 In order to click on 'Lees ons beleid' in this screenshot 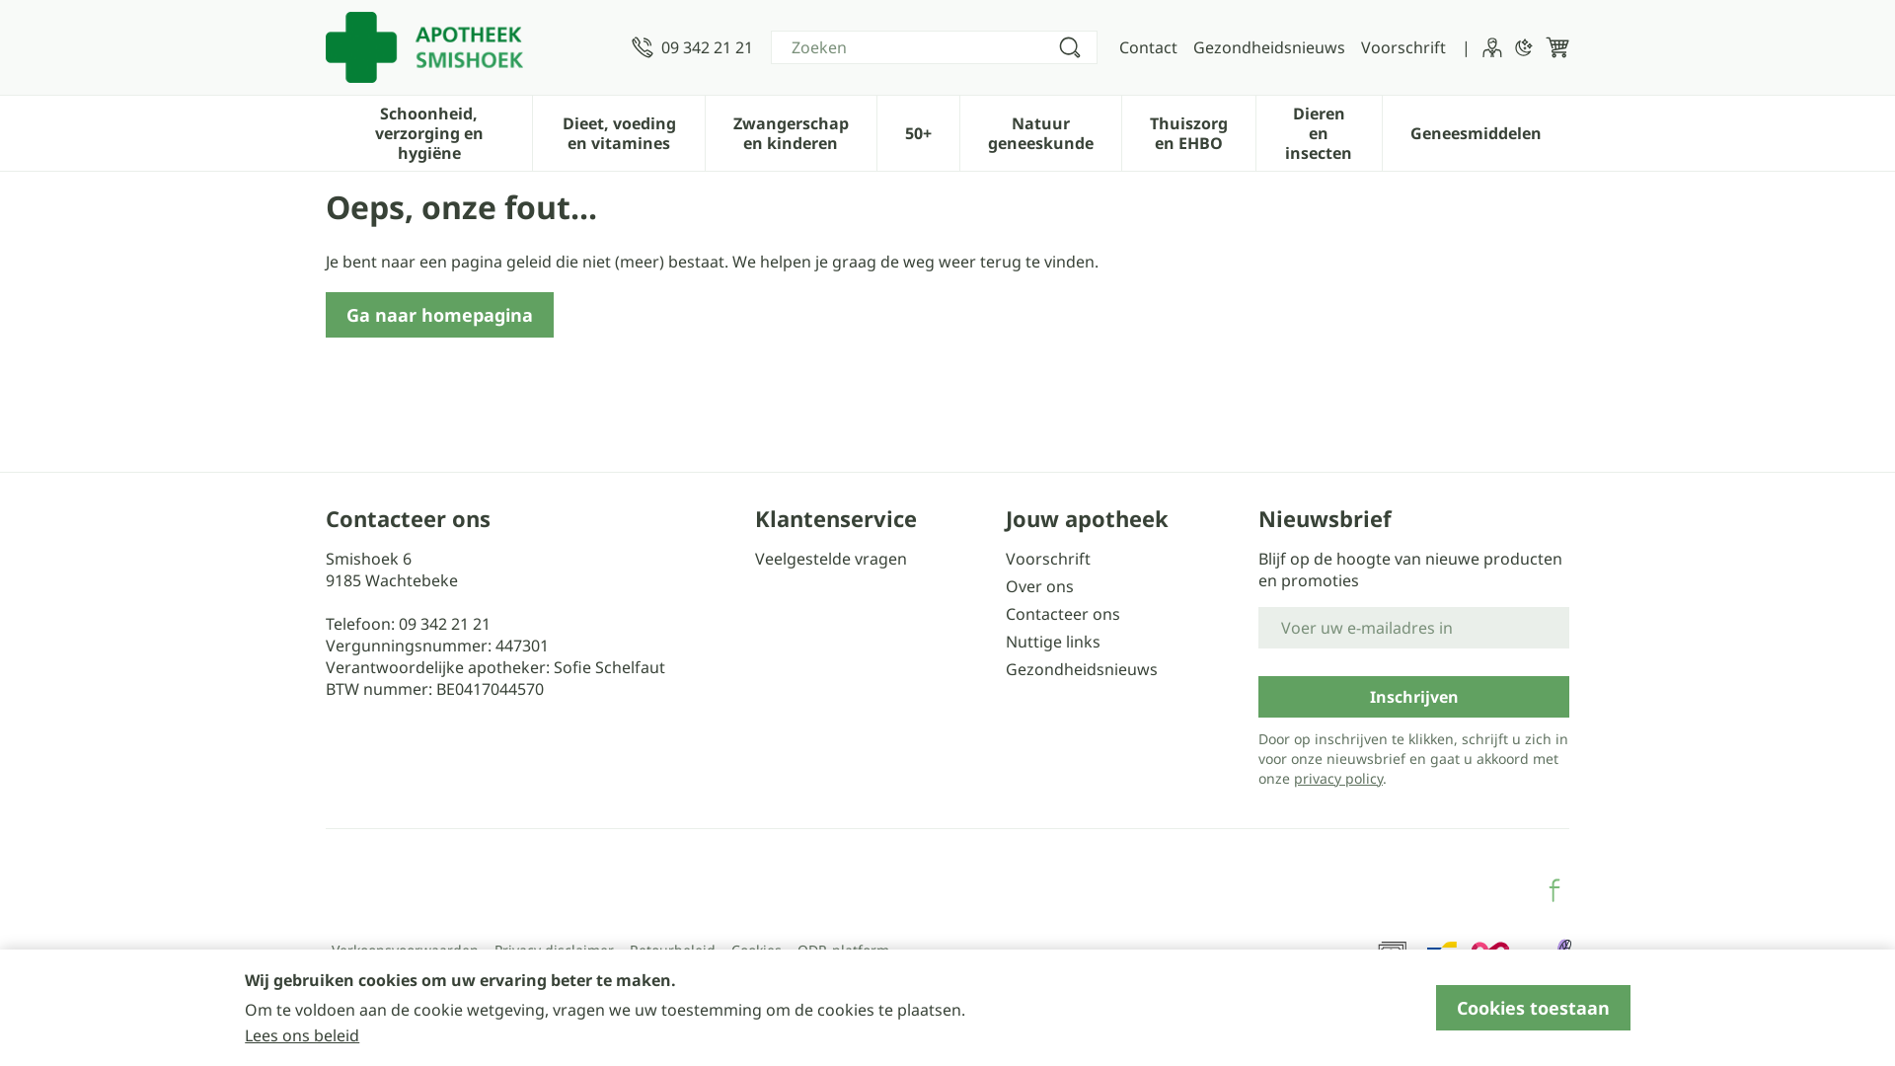, I will do `click(301, 1034)`.